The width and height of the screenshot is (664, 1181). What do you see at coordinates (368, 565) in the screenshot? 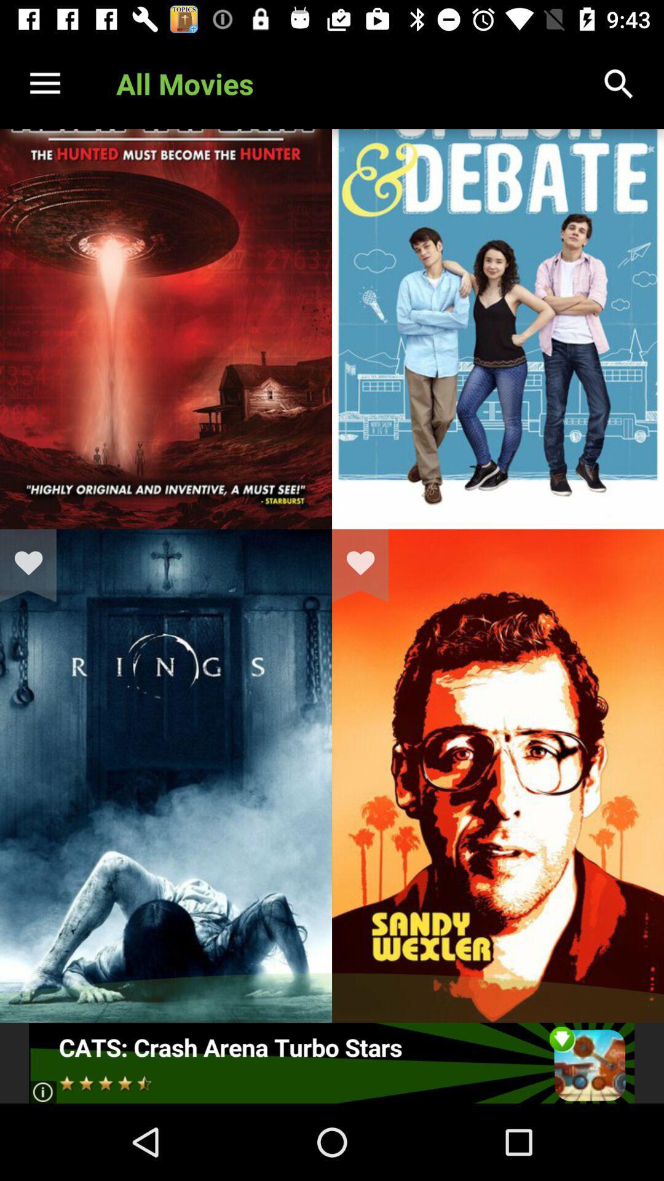
I see `favorite` at bounding box center [368, 565].